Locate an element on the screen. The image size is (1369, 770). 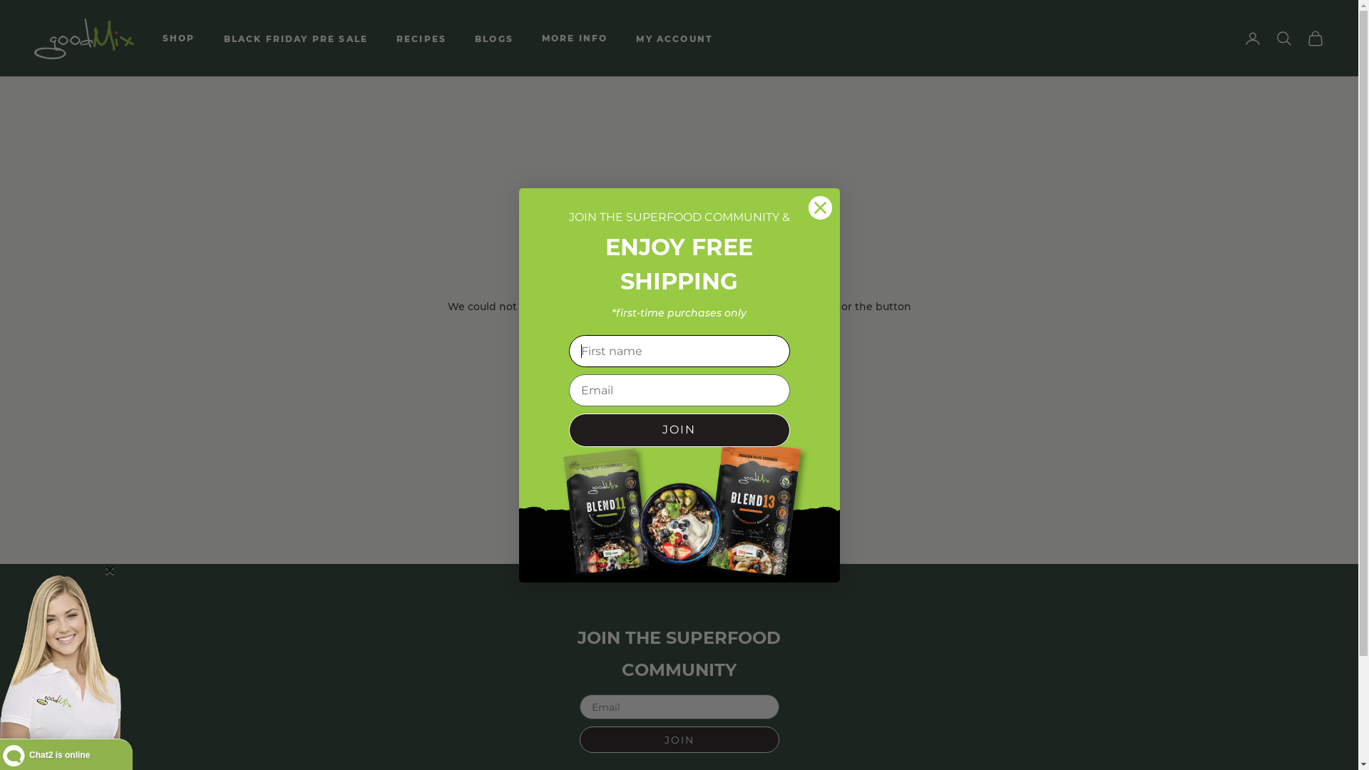
'RECIPES' is located at coordinates (420, 38).